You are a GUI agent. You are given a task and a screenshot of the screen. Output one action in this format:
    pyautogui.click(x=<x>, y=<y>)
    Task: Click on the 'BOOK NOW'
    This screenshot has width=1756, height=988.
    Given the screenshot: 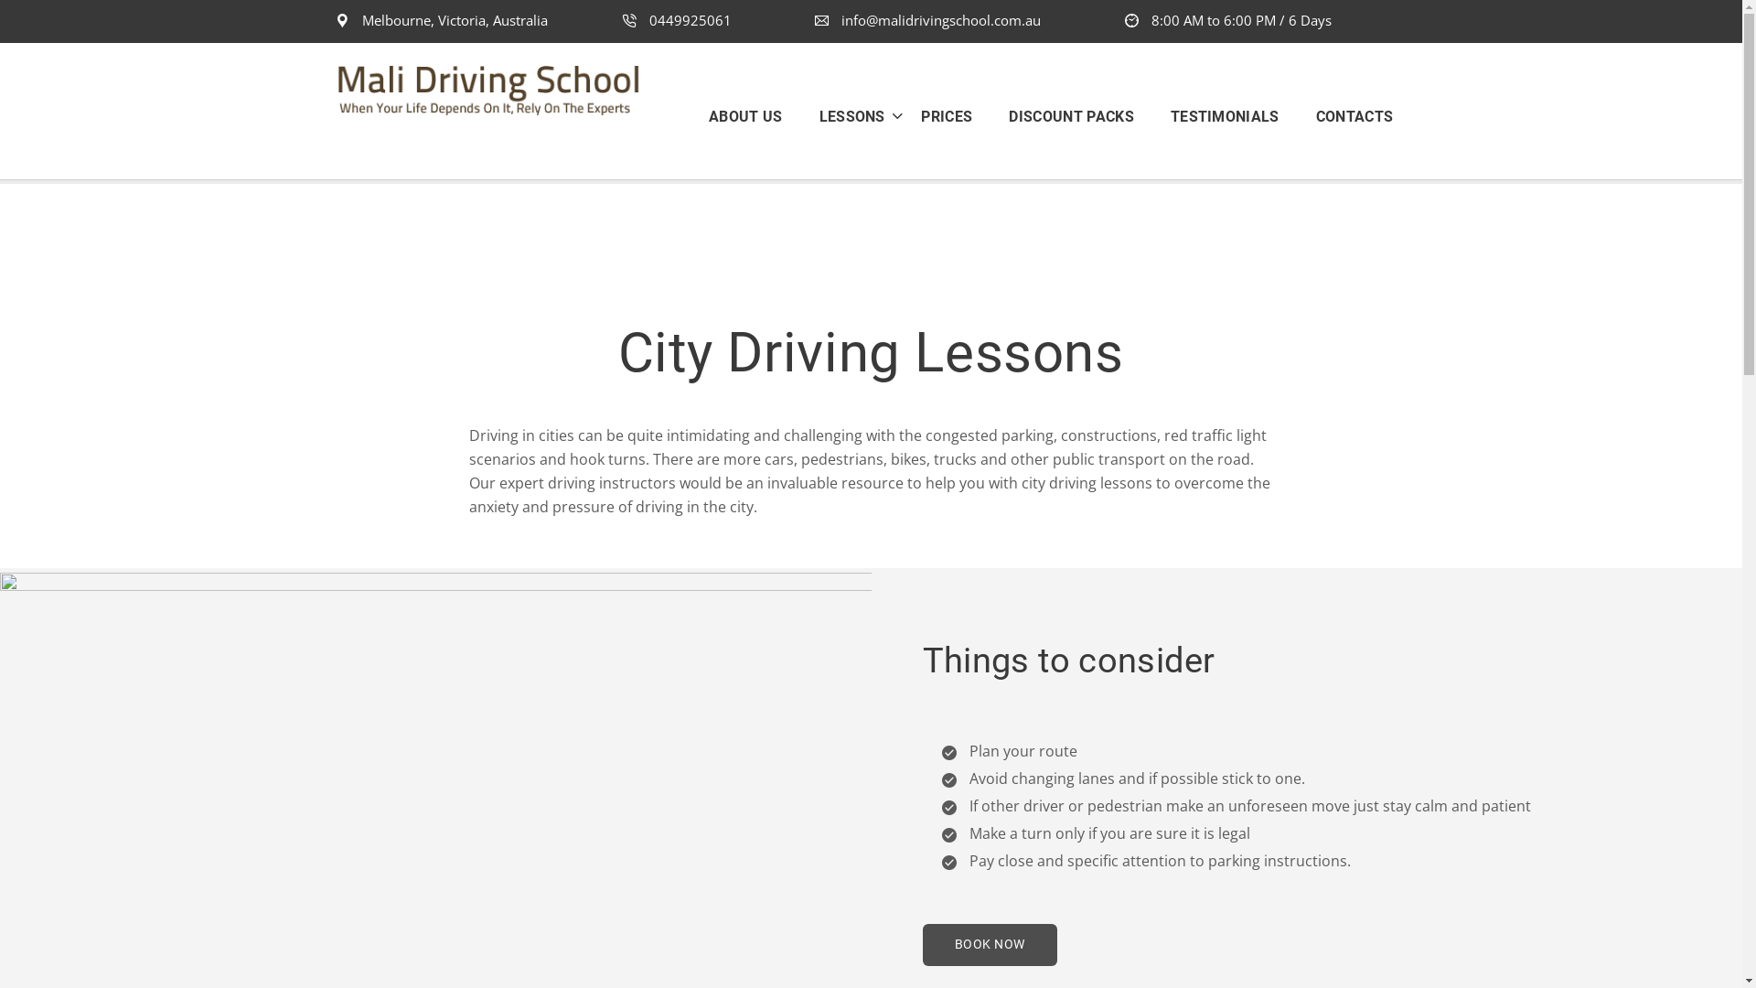 What is the action you would take?
    pyautogui.click(x=988, y=944)
    